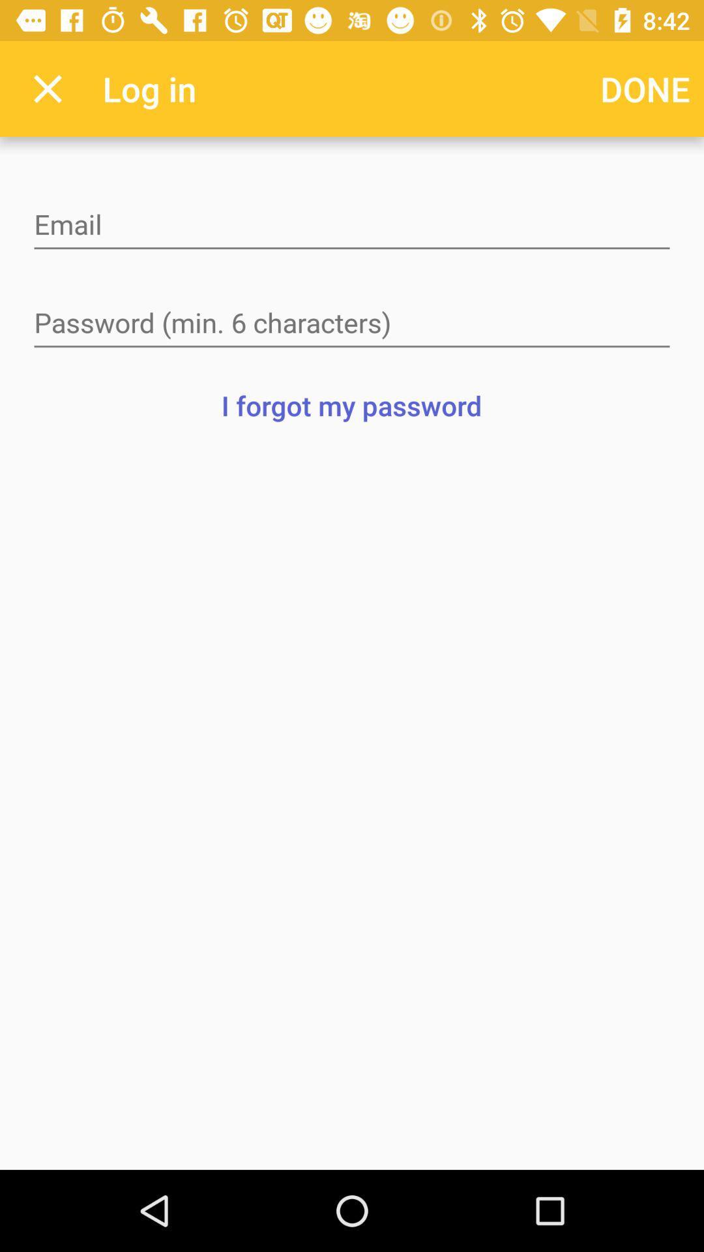 Image resolution: width=704 pixels, height=1252 pixels. Describe the element at coordinates (352, 226) in the screenshot. I see `email address` at that location.